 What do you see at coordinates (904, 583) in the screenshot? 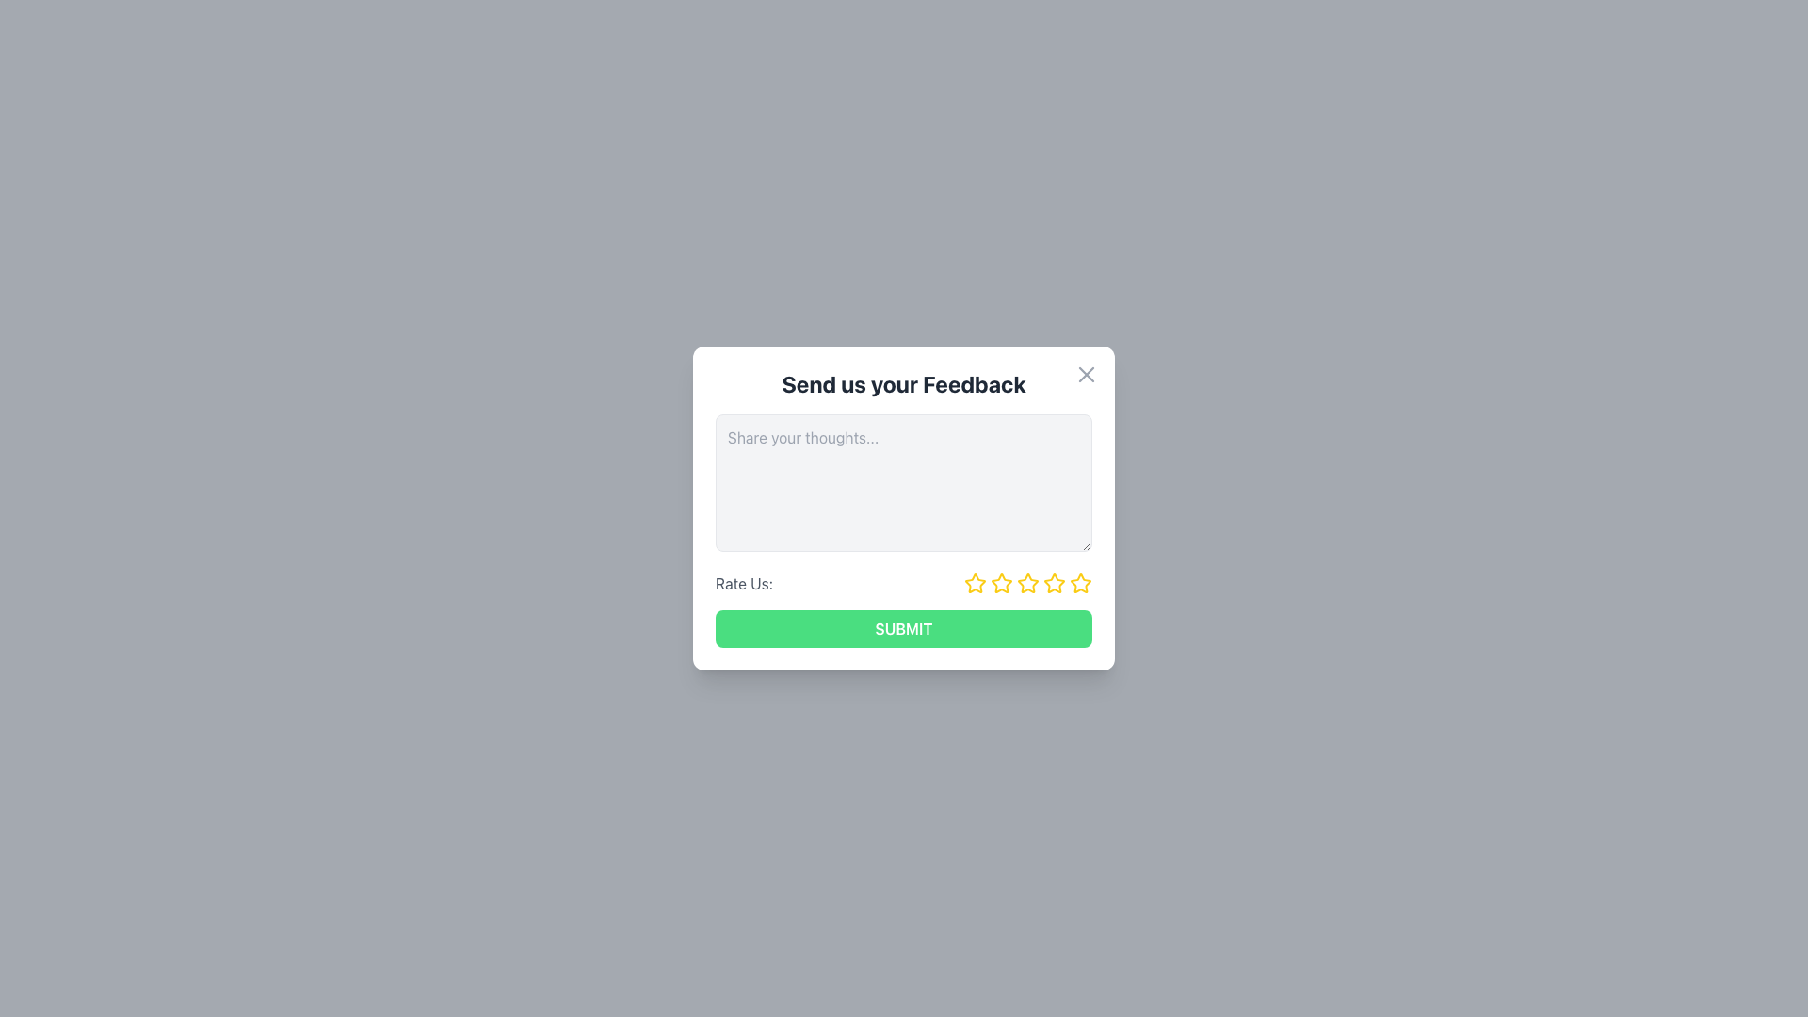
I see `one of the yellow star icons in the Rating component labeled 'Rate Us:'` at bounding box center [904, 583].